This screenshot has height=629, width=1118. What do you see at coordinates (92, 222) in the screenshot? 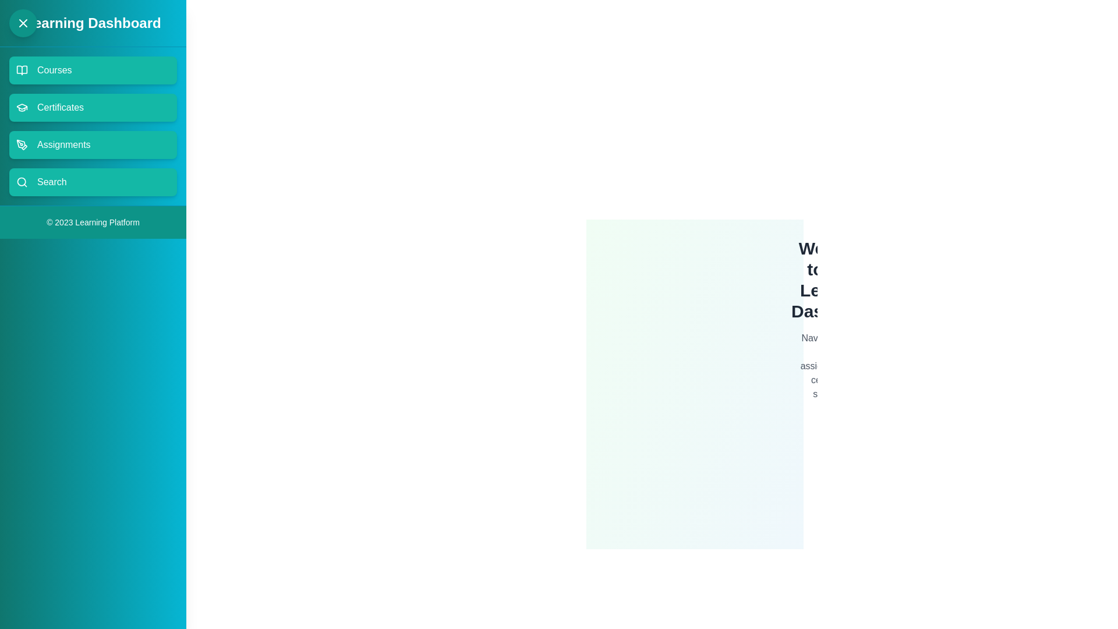
I see `the copyright information Text Label located at the bottom of the left-hand teal sidebar, which provides ownership and year details for the platform` at bounding box center [92, 222].